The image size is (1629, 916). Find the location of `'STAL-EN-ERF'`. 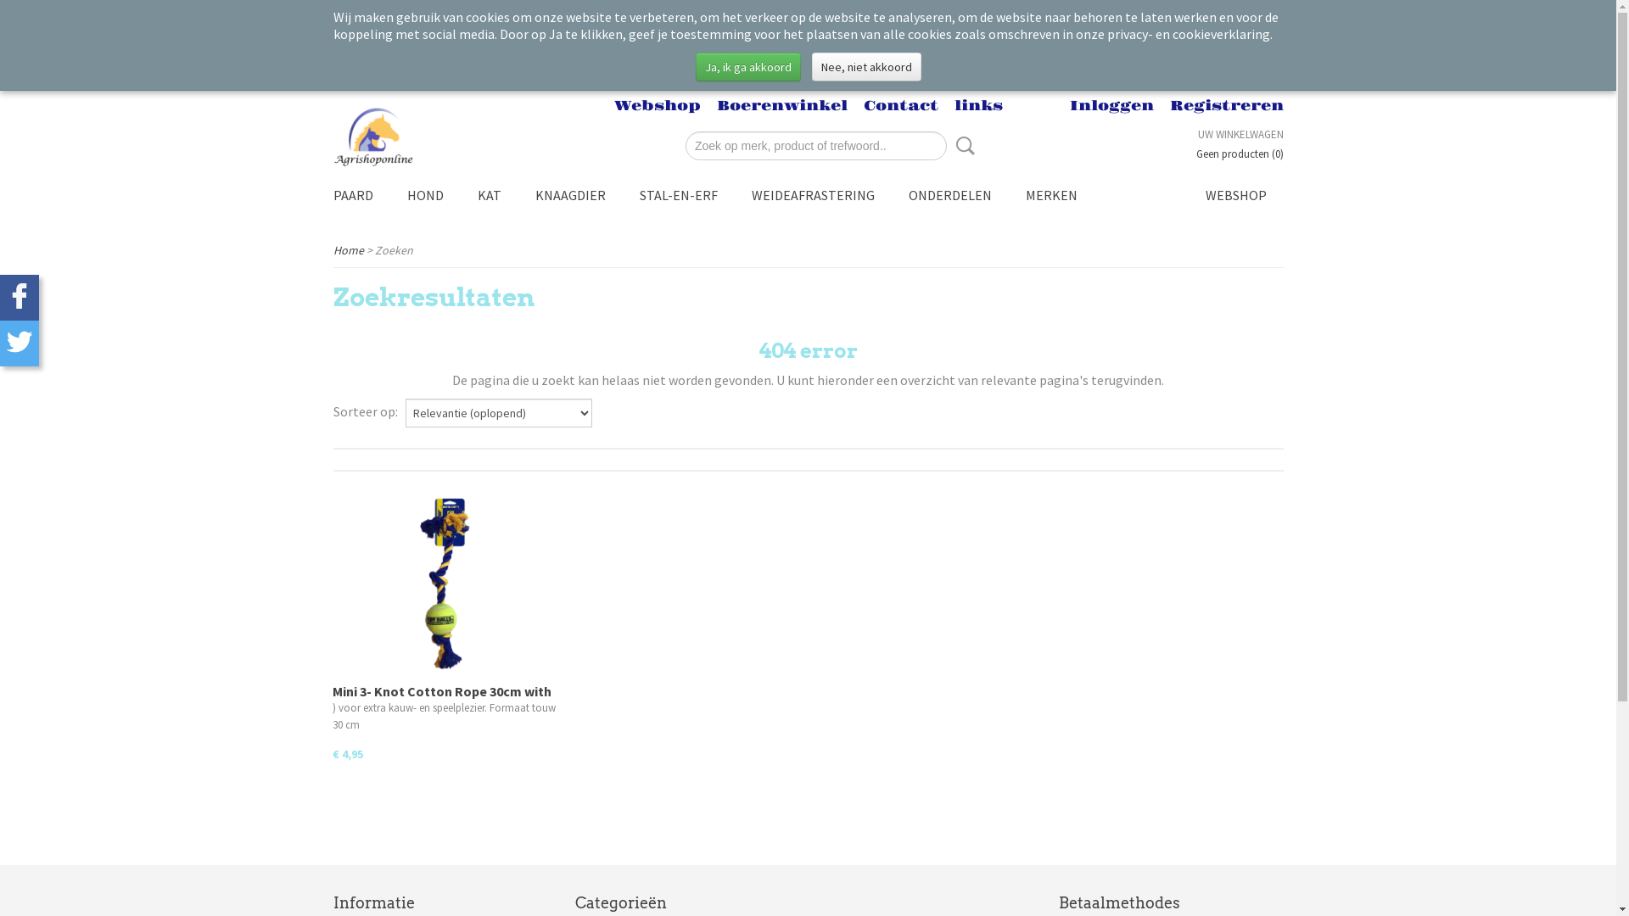

'STAL-EN-ERF' is located at coordinates (679, 194).